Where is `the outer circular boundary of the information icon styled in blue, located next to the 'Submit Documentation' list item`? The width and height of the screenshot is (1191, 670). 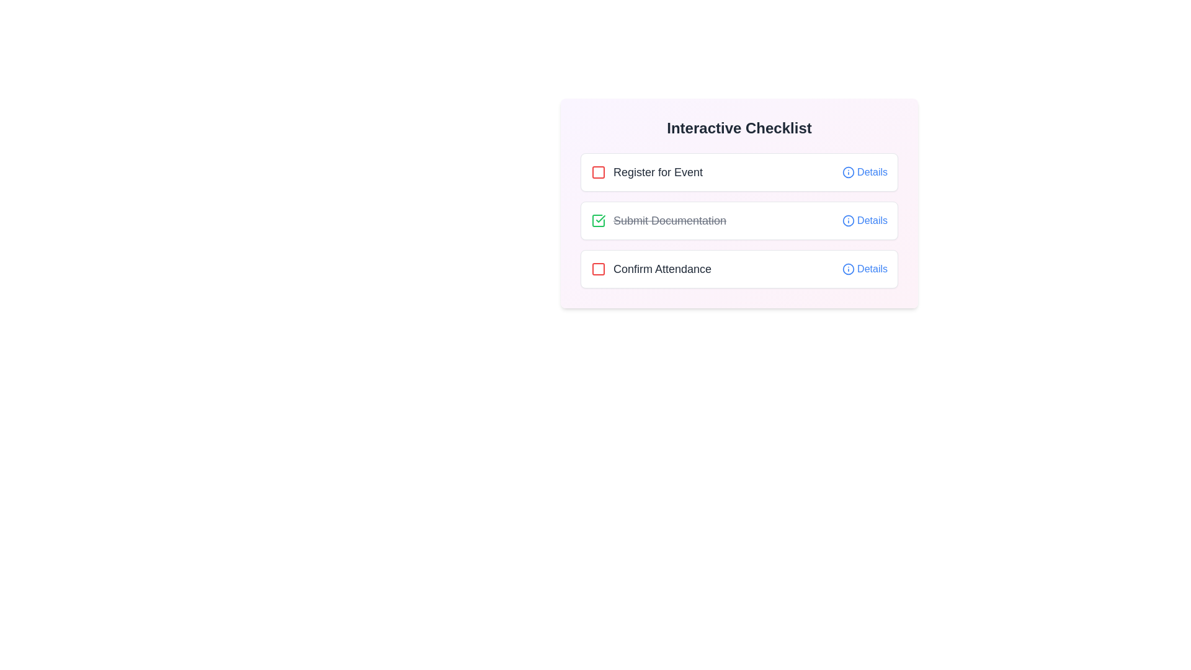 the outer circular boundary of the information icon styled in blue, located next to the 'Submit Documentation' list item is located at coordinates (848, 172).